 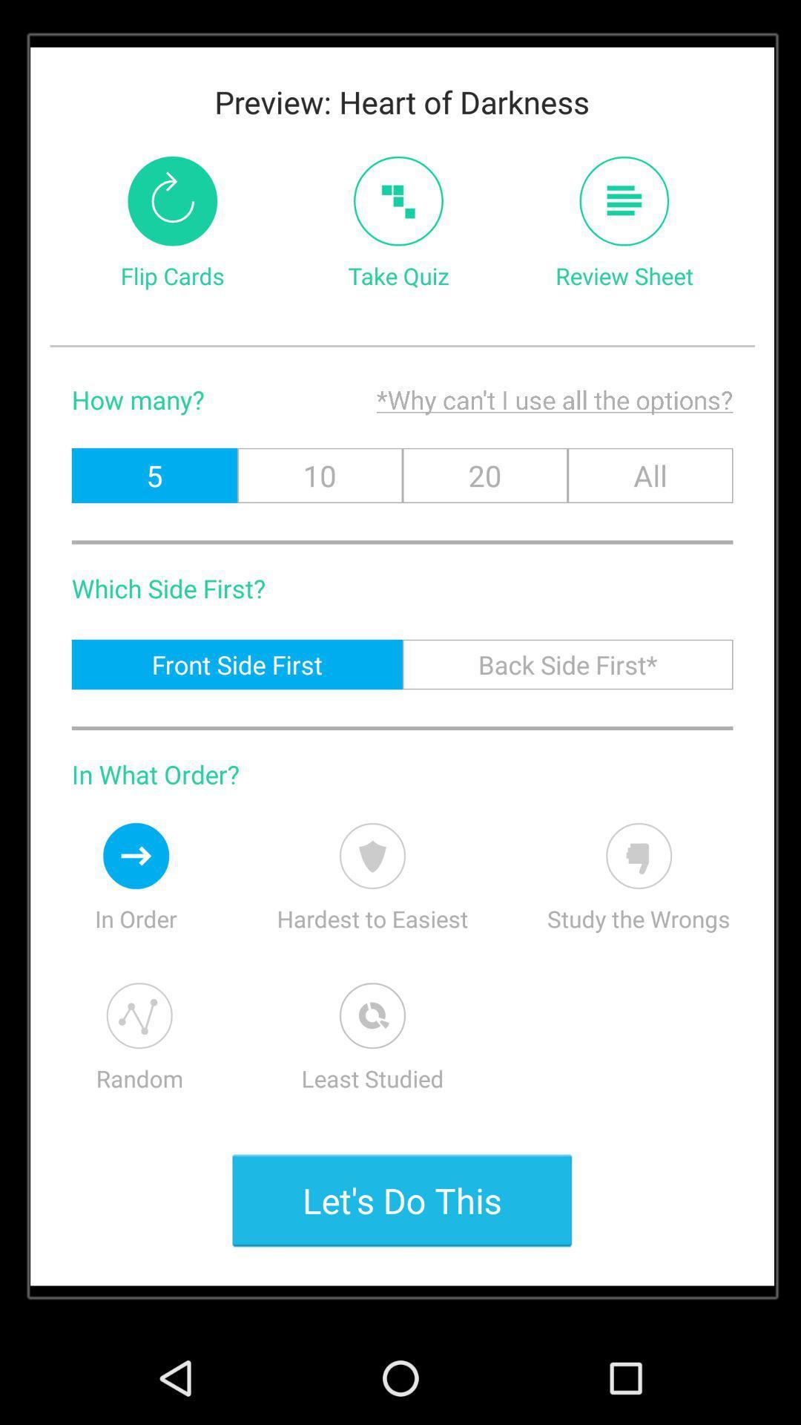 I want to click on the refresh icon, so click(x=171, y=214).